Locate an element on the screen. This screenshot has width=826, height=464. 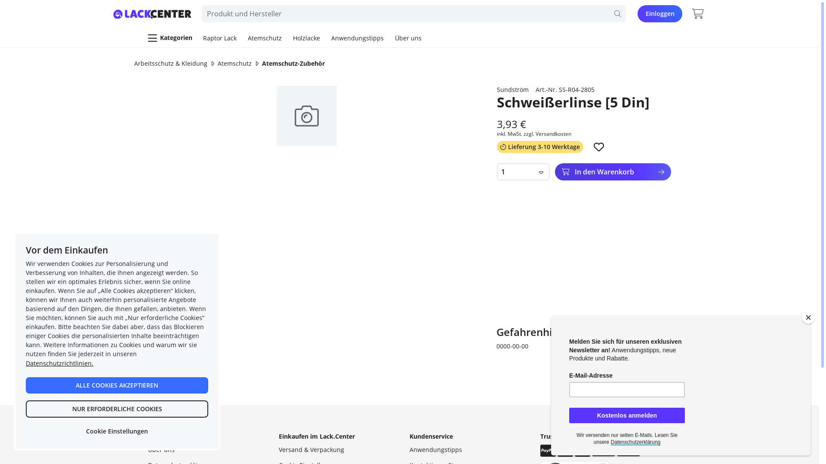
'ALLE COOKIES AKZEPTIEREN' is located at coordinates (117, 385).